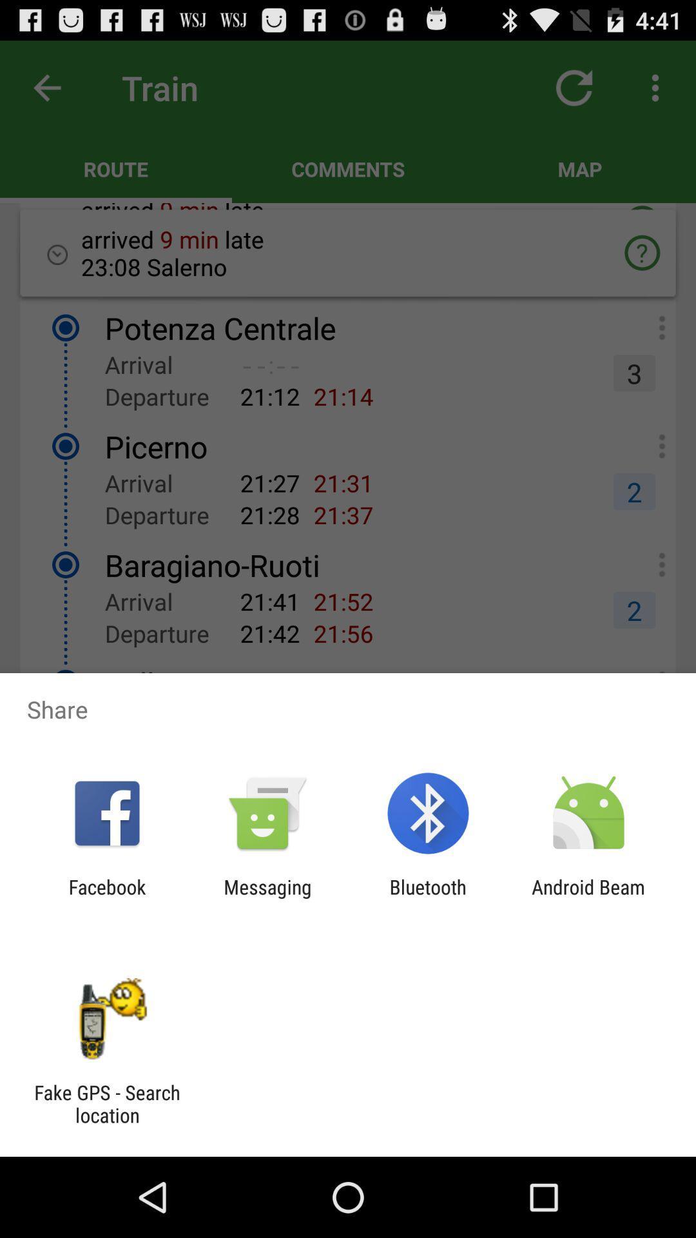  What do you see at coordinates (428, 898) in the screenshot?
I see `the bluetooth icon` at bounding box center [428, 898].